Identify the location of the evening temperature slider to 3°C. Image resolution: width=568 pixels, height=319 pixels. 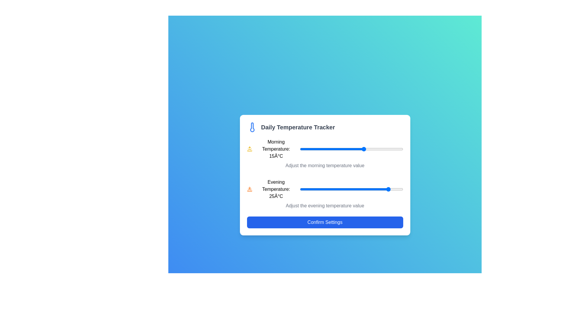
(333, 189).